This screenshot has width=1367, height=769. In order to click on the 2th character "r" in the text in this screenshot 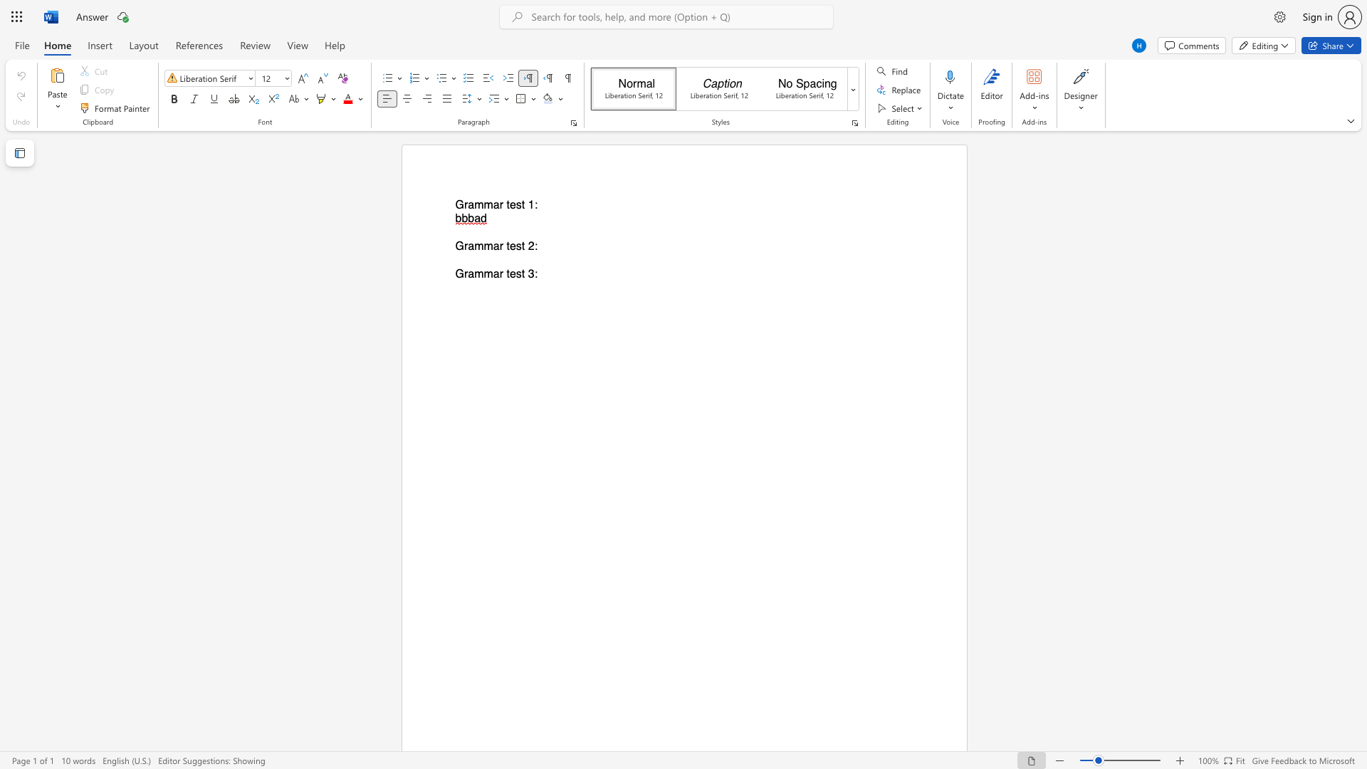, I will do `click(501, 274)`.